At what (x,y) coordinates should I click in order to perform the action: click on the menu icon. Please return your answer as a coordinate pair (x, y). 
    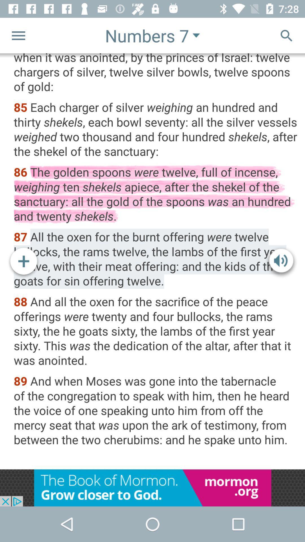
    Looking at the image, I should click on (18, 35).